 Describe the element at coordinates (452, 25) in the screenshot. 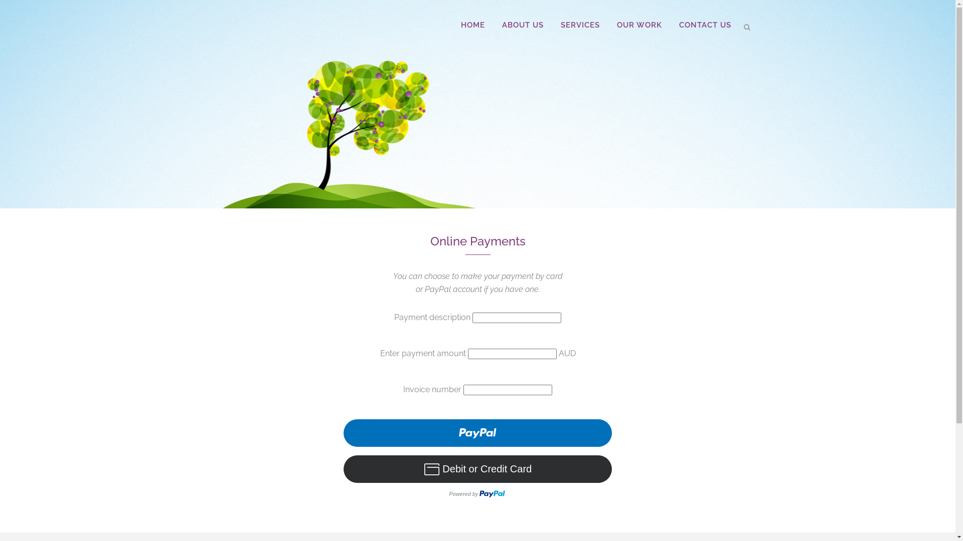

I see `'HOME'` at that location.